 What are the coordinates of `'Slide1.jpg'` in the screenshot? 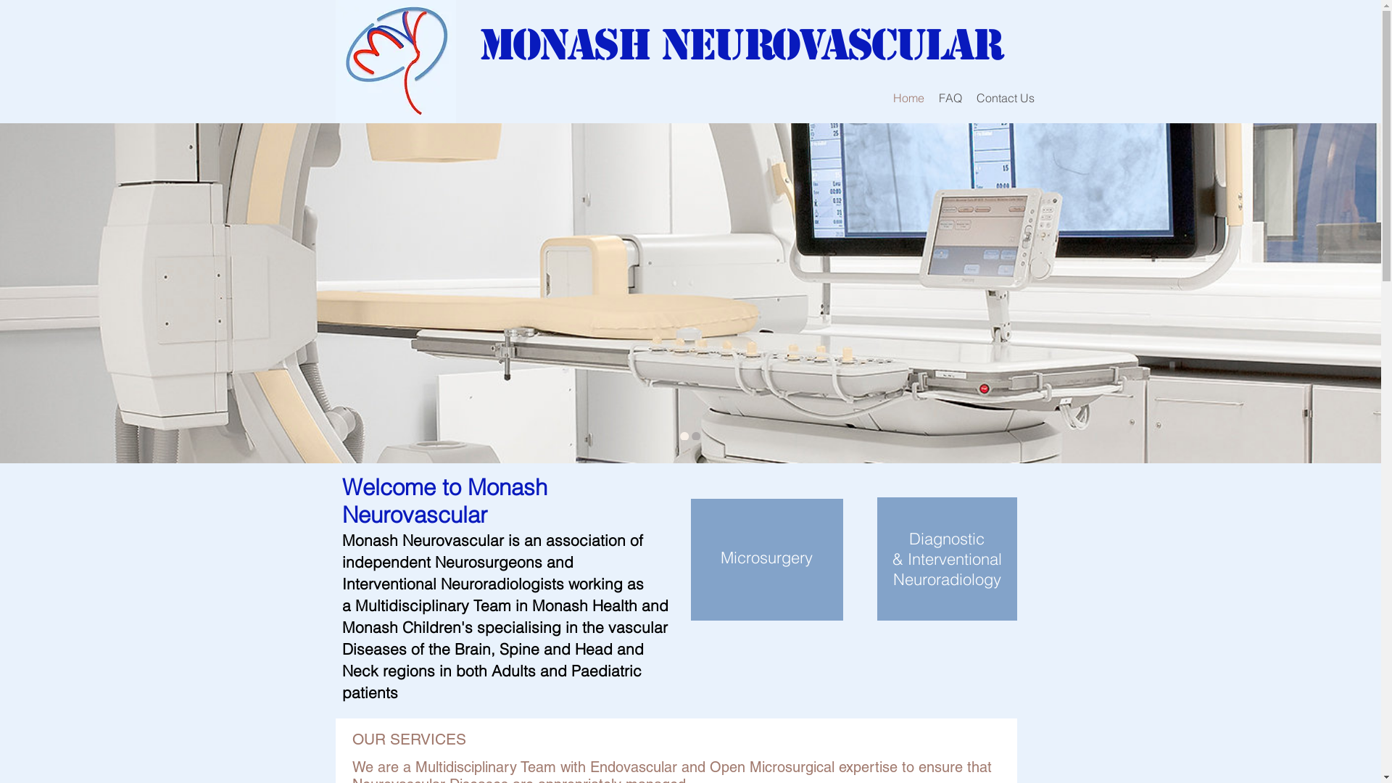 It's located at (395, 60).